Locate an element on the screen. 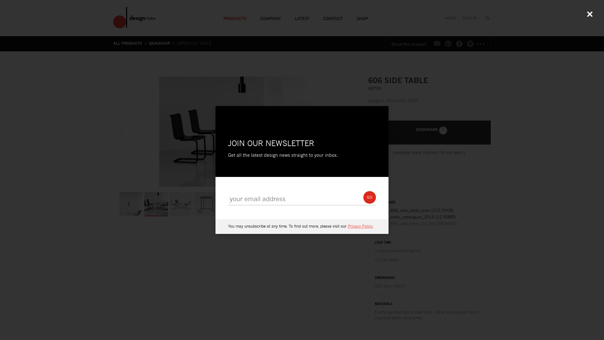 This screenshot has width=604, height=340. 'ALL PRODUCTS' is located at coordinates (130, 43).